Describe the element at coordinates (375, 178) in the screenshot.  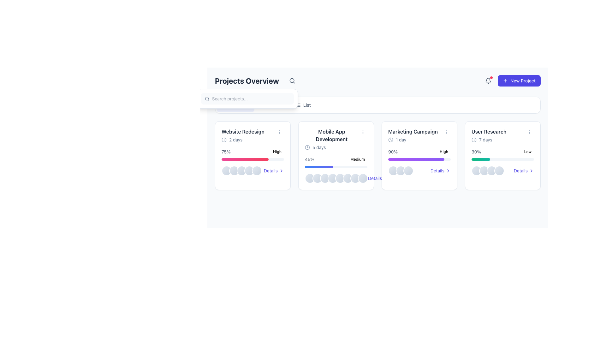
I see `the text link located in the 'Details' section of the 'Mobile App Development' card` at that location.